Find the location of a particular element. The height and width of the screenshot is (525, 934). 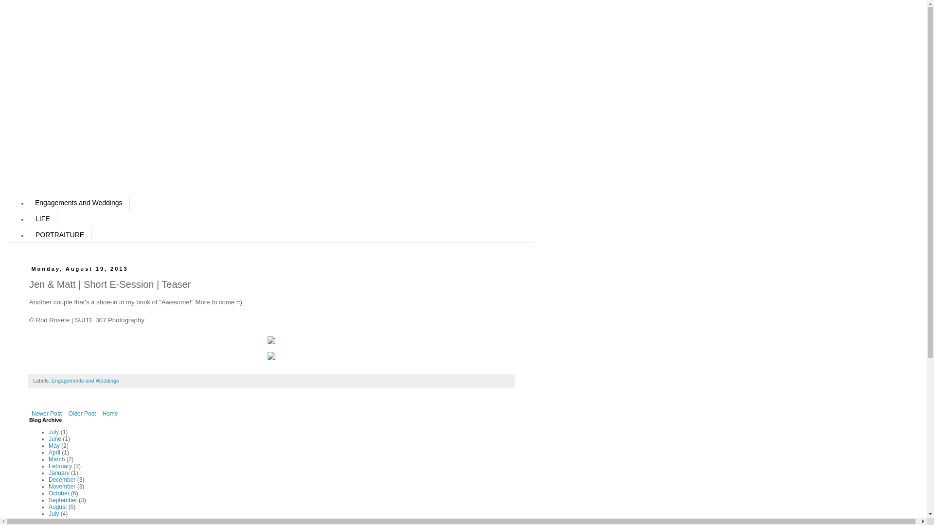

'September' is located at coordinates (48, 500).